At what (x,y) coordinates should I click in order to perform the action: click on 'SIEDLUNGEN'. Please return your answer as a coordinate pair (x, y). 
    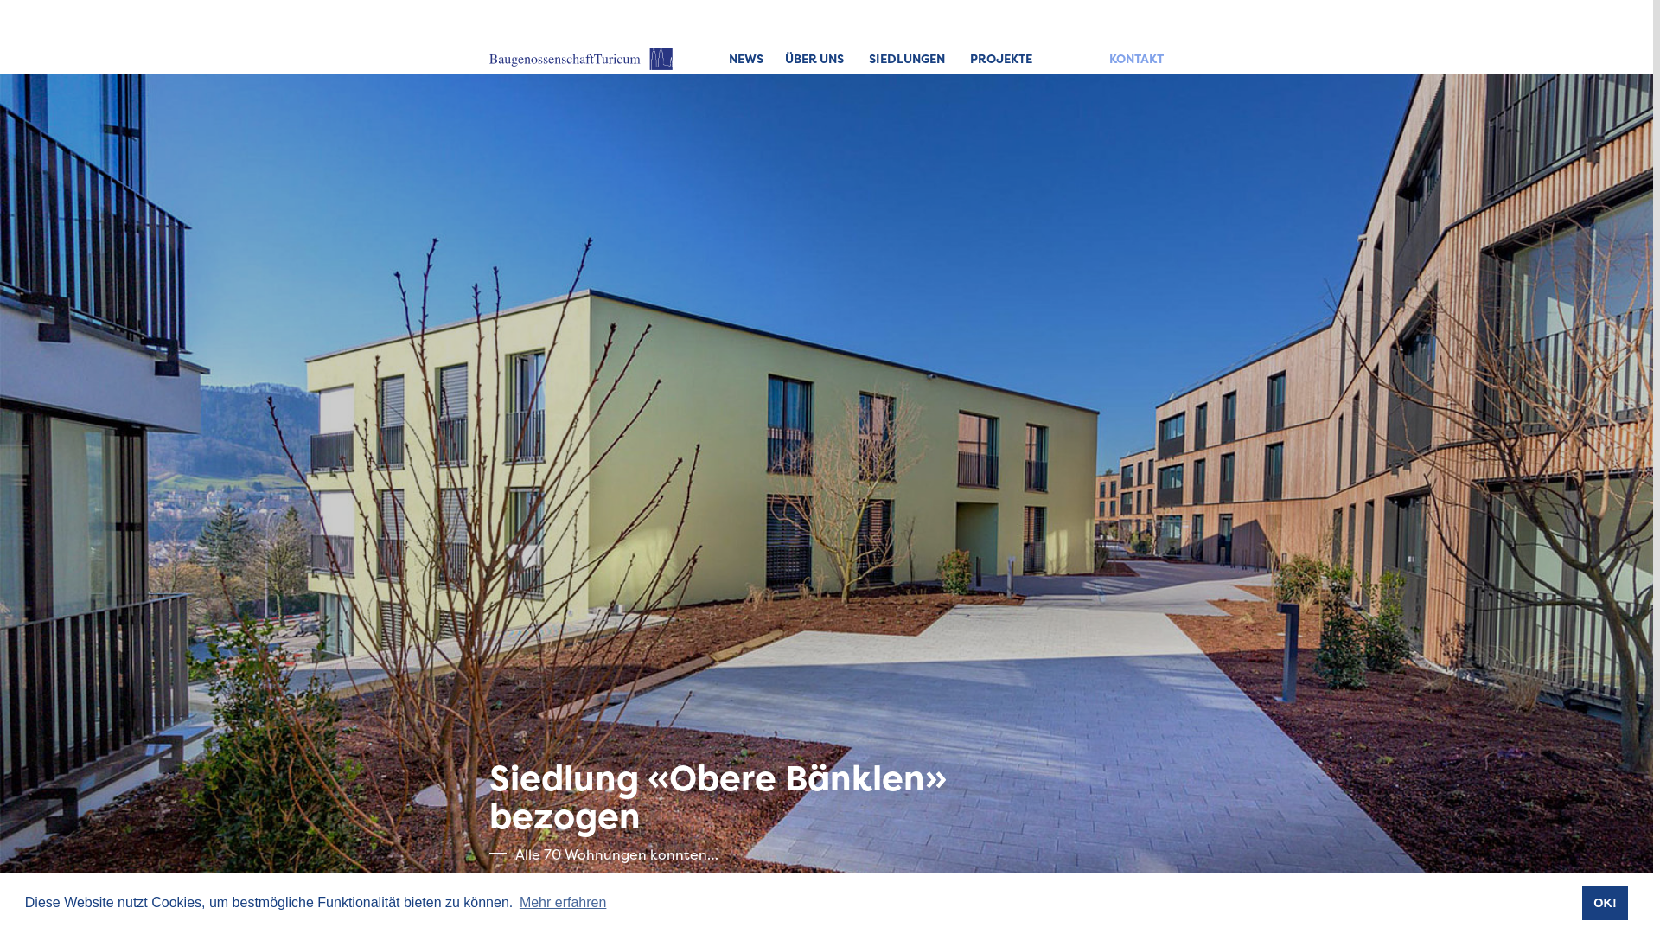
    Looking at the image, I should click on (906, 58).